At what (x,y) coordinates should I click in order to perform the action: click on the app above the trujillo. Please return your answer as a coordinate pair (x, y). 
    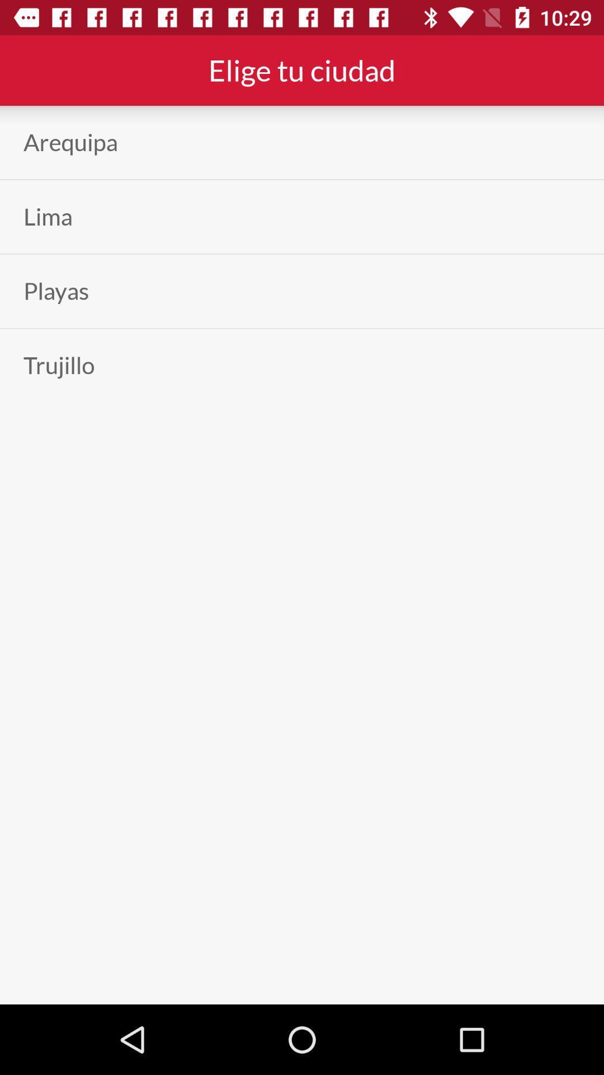
    Looking at the image, I should click on (56, 291).